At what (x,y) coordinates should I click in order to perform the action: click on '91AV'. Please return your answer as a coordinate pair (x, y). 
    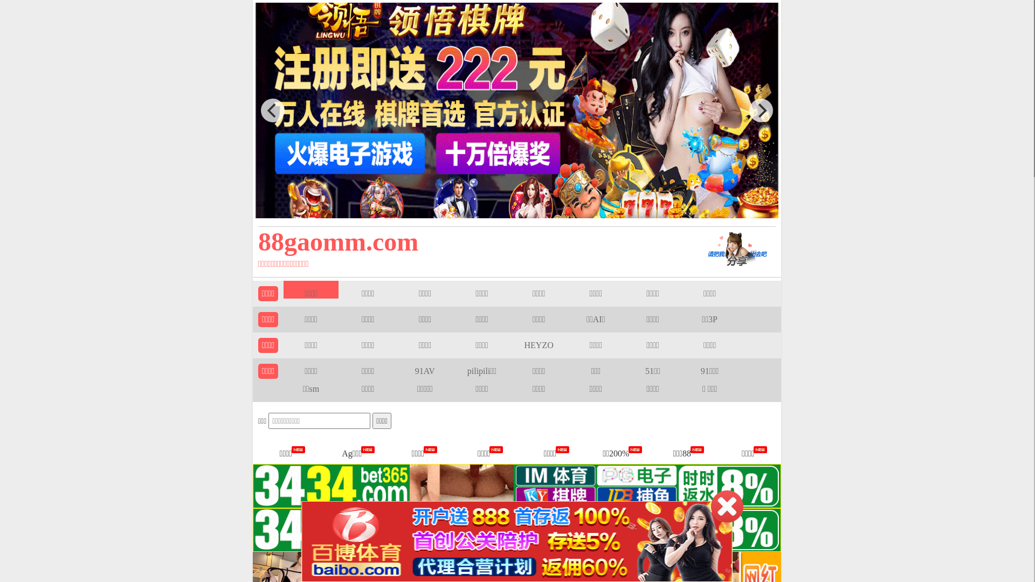
    Looking at the image, I should click on (414, 370).